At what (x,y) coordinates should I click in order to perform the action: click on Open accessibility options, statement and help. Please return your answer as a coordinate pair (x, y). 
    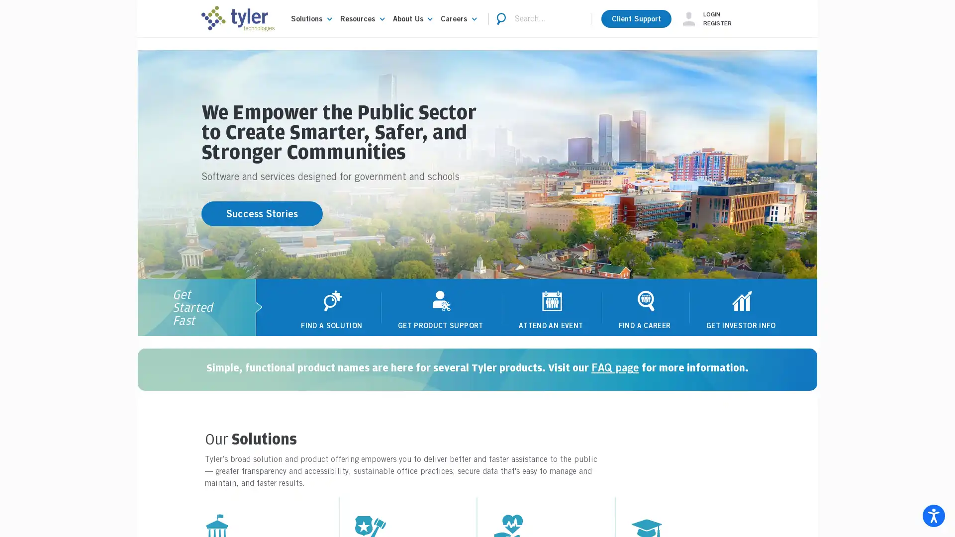
    Looking at the image, I should click on (933, 515).